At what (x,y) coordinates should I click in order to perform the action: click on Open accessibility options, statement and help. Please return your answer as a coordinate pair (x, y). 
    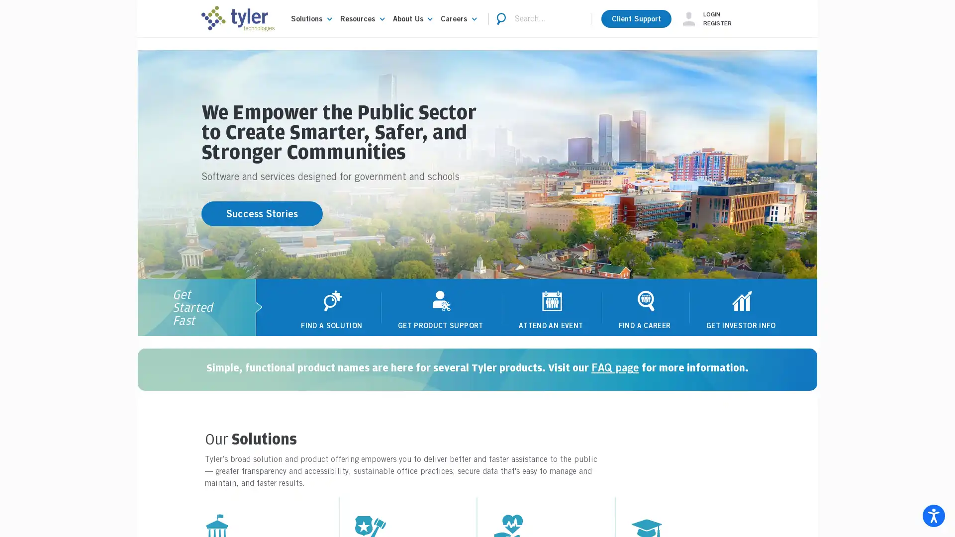
    Looking at the image, I should click on (933, 515).